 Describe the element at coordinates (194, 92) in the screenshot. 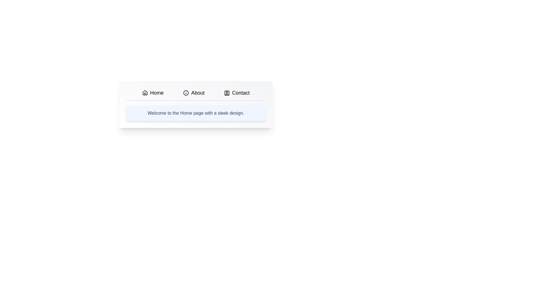

I see `the tab labeled About to observe its hover effect` at that location.